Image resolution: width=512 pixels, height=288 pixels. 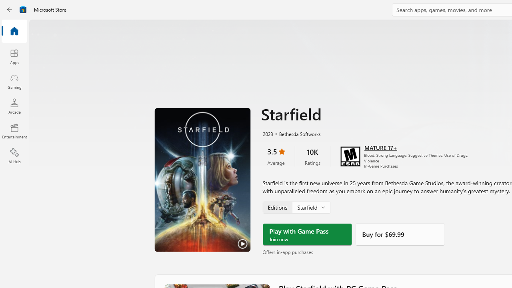 I want to click on '3.5 stars. Click to skip to ratings and reviews', so click(x=276, y=156).